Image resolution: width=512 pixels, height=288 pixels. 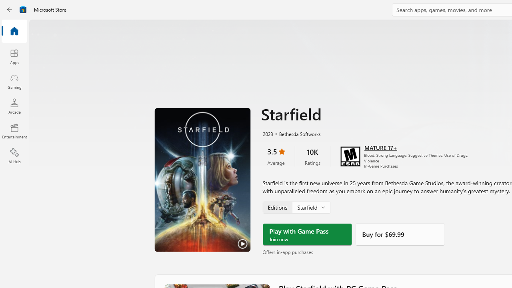 I want to click on '3.5 stars. Click to skip to ratings and reviews', so click(x=276, y=156).